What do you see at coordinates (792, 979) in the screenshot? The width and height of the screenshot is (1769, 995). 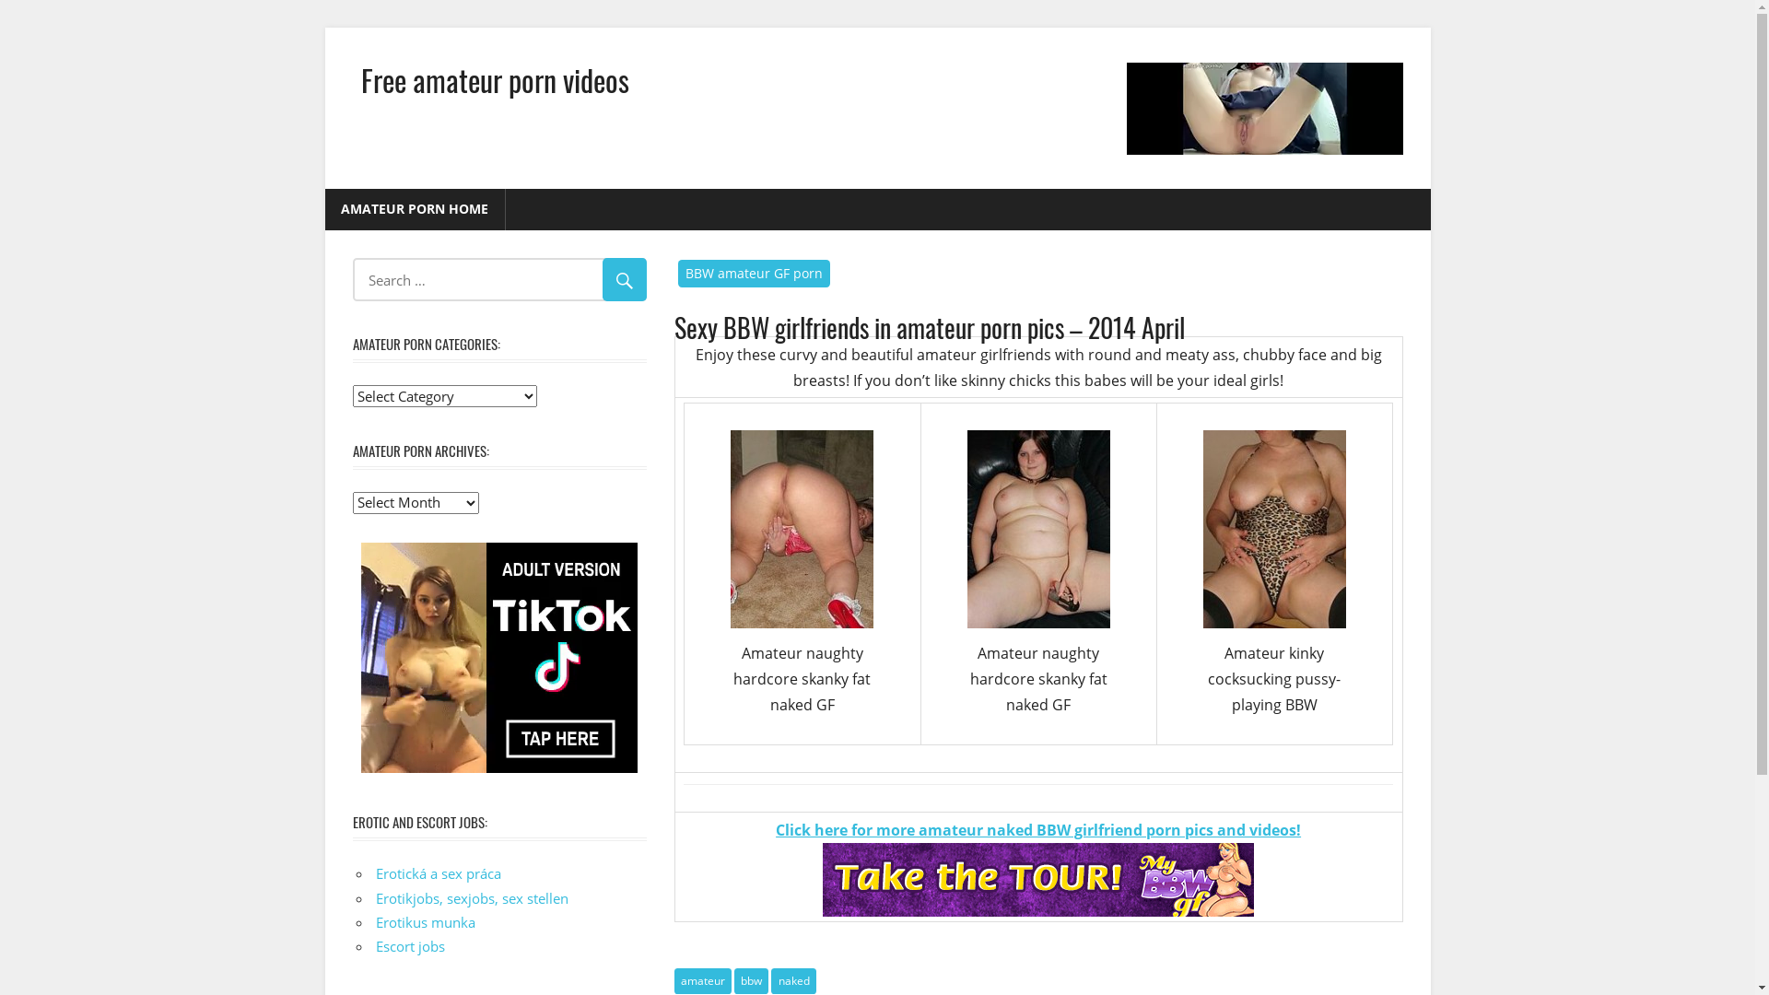 I see `'naked'` at bounding box center [792, 979].